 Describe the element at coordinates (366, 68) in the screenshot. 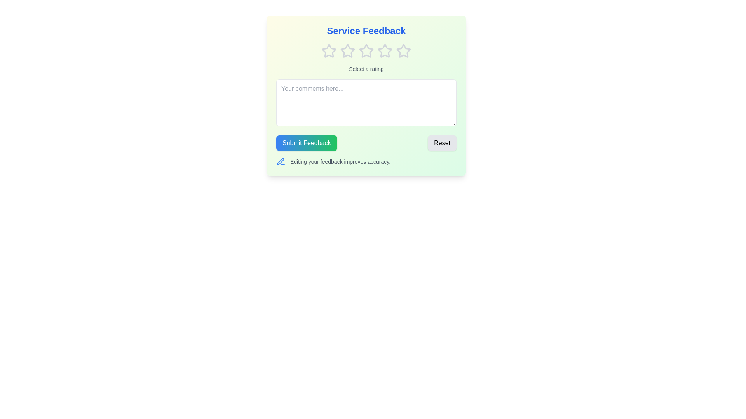

I see `the text label that provides instructions for selecting a rating using the stars displayed above it` at that location.